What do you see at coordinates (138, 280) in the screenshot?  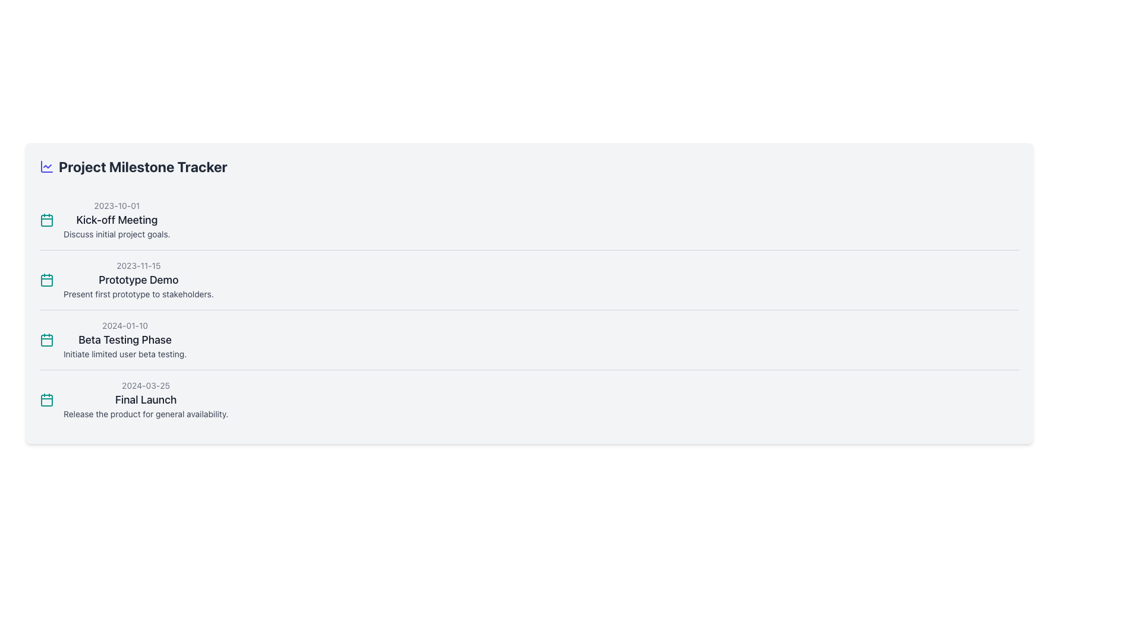 I see `the text label reading 'Prototype Demo', which is styled in a larger, bold font and positioned between '2023-11-15' and 'Present first prototype to stakeholders'` at bounding box center [138, 280].